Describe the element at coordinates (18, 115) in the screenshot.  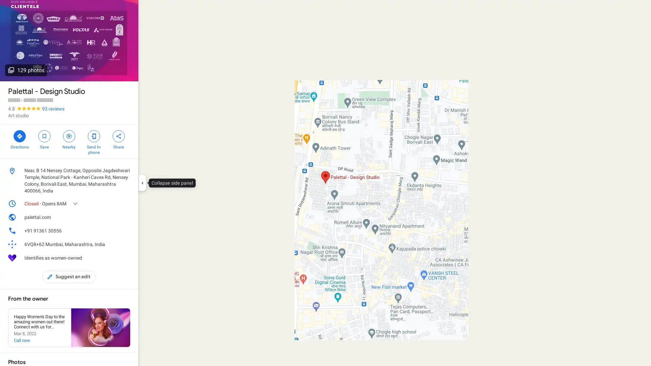
I see `Art studio` at that location.